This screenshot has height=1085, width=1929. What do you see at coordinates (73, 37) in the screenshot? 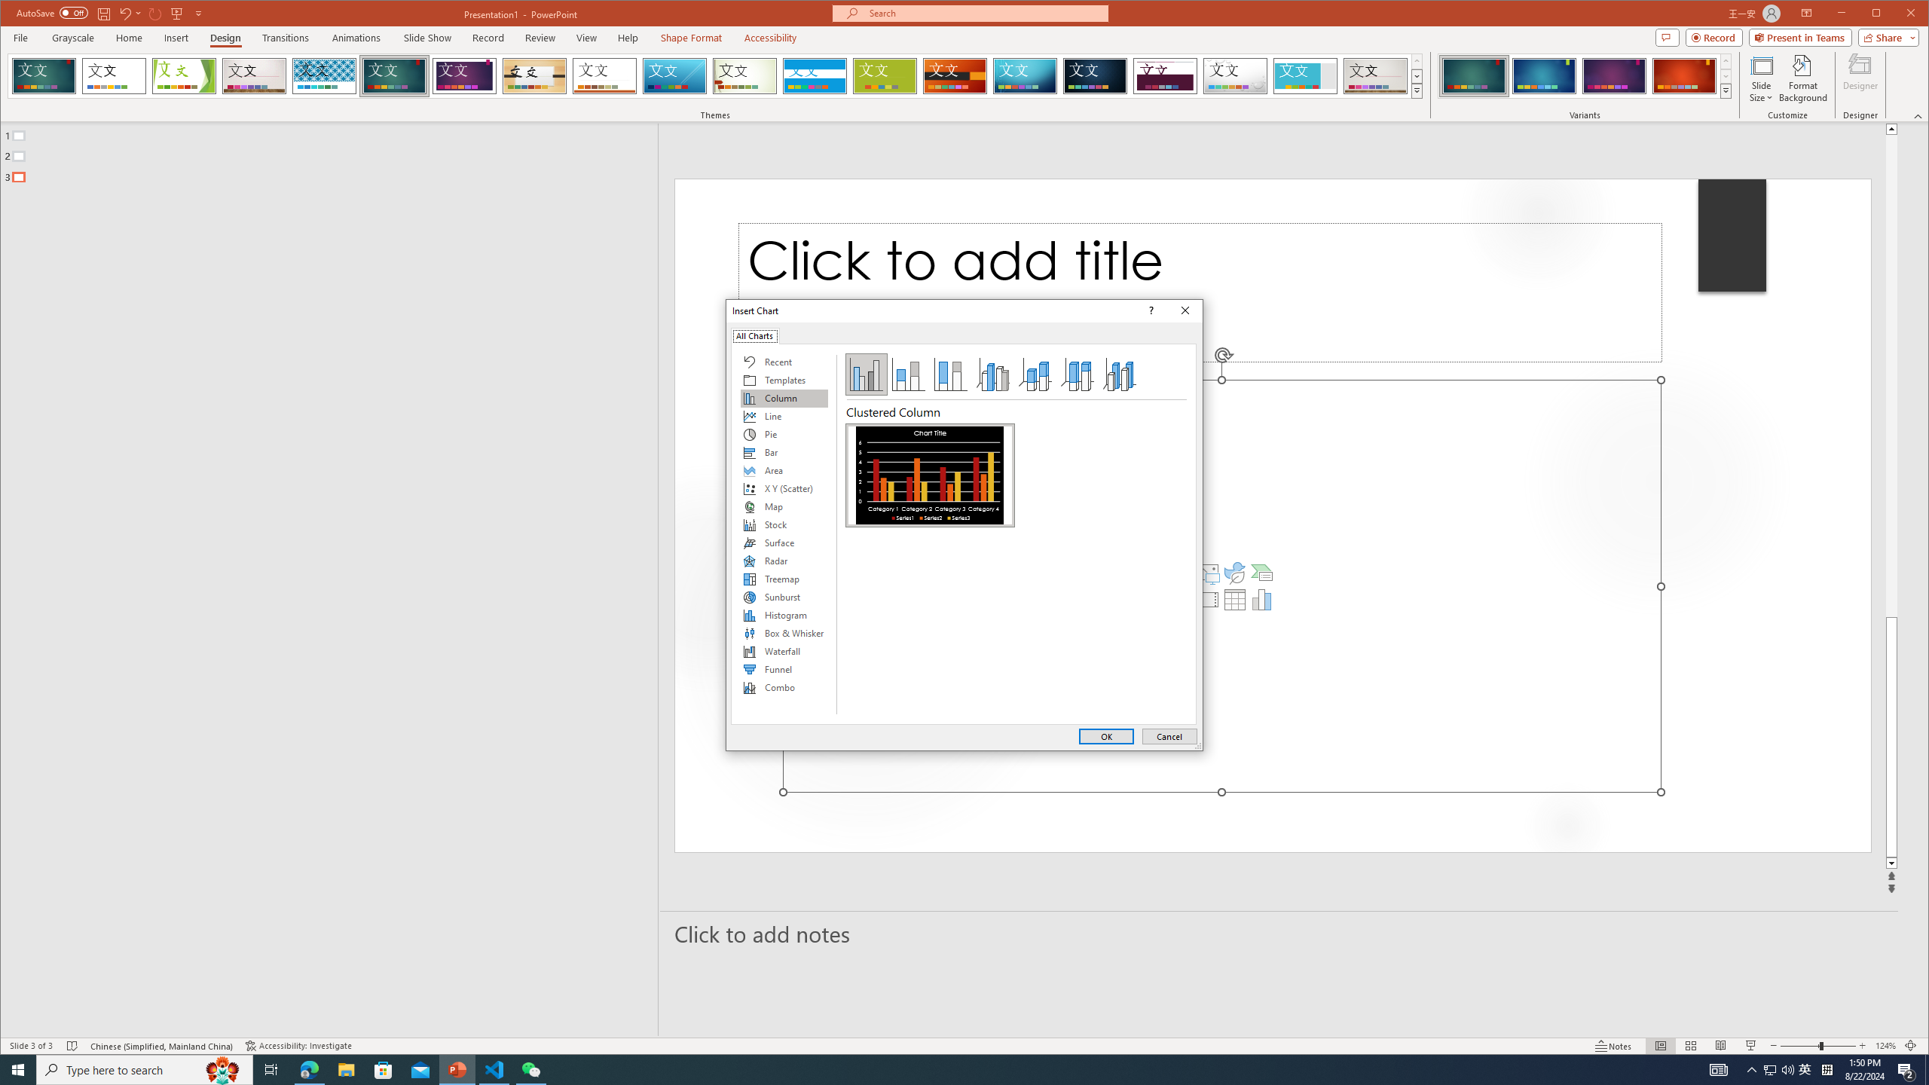
I see `'Grayscale'` at bounding box center [73, 37].